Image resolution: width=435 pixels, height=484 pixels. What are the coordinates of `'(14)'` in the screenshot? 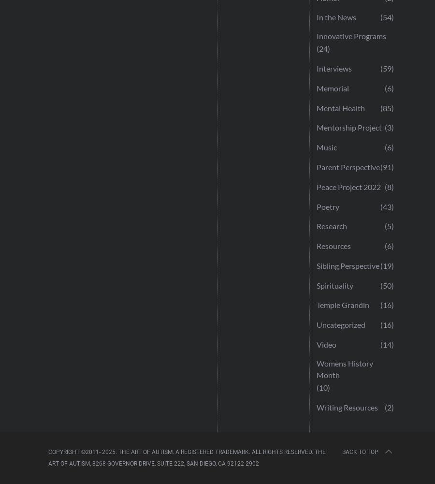 It's located at (387, 343).